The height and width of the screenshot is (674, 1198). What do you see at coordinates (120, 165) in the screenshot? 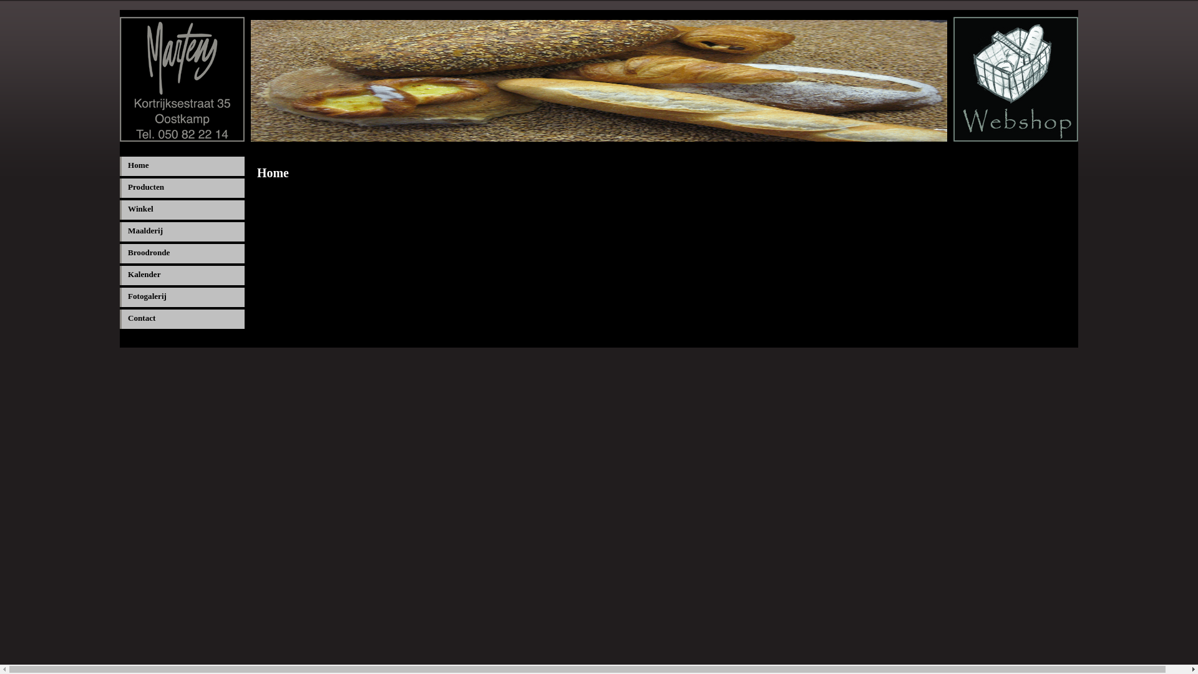
I see `'Home'` at bounding box center [120, 165].